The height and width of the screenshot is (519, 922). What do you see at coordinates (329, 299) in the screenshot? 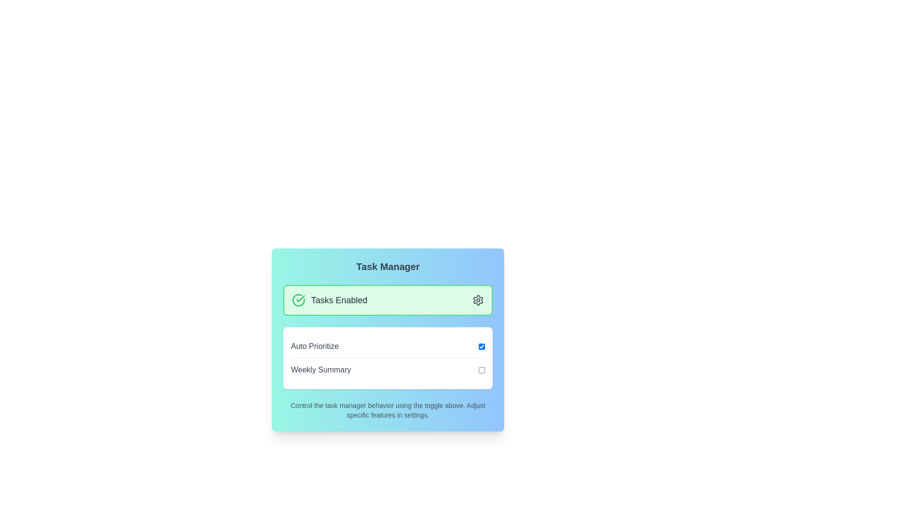
I see `the 'Tasks Enabled' label with the green checkmark icon, located in the top section of the rounded green box in the 'Task Manager' section` at bounding box center [329, 299].